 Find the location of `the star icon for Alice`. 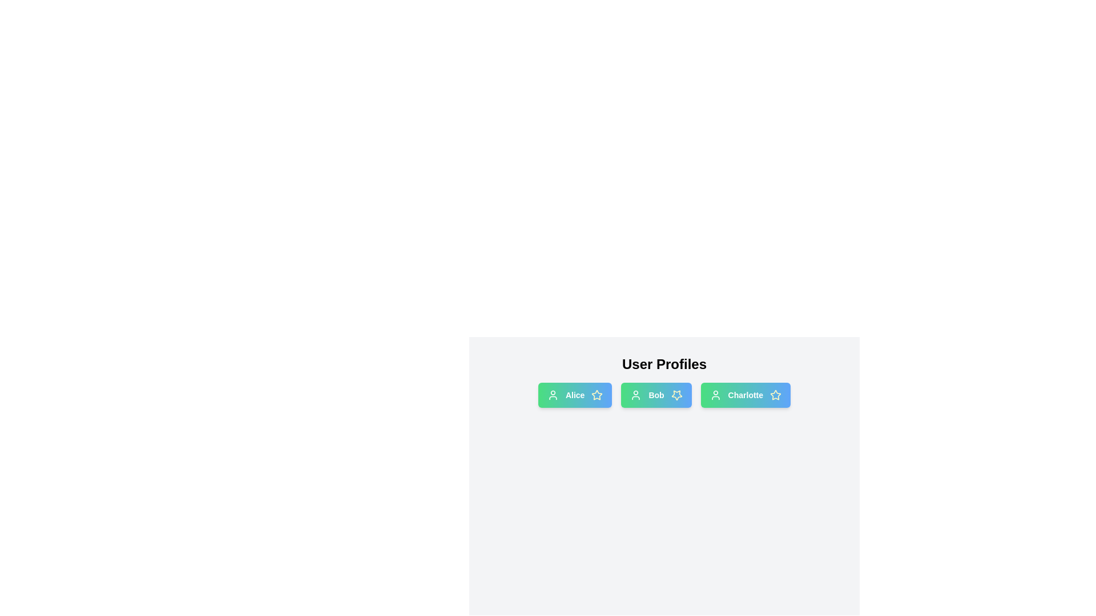

the star icon for Alice is located at coordinates (597, 395).